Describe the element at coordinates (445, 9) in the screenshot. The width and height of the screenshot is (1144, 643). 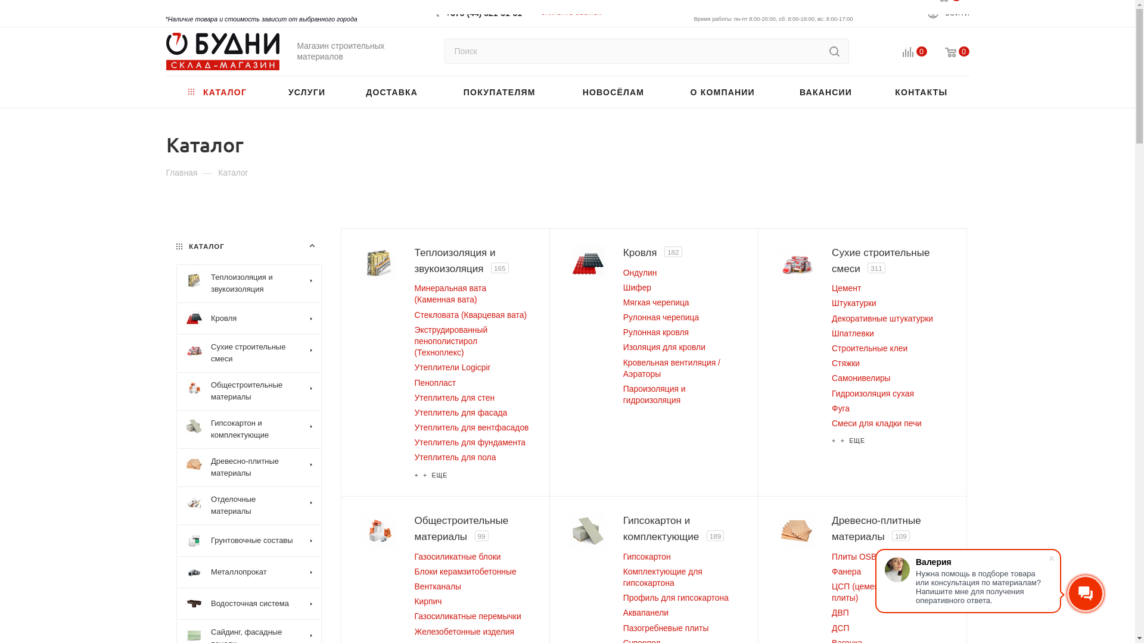
I see `'+375 (44) 521-51-51'` at that location.